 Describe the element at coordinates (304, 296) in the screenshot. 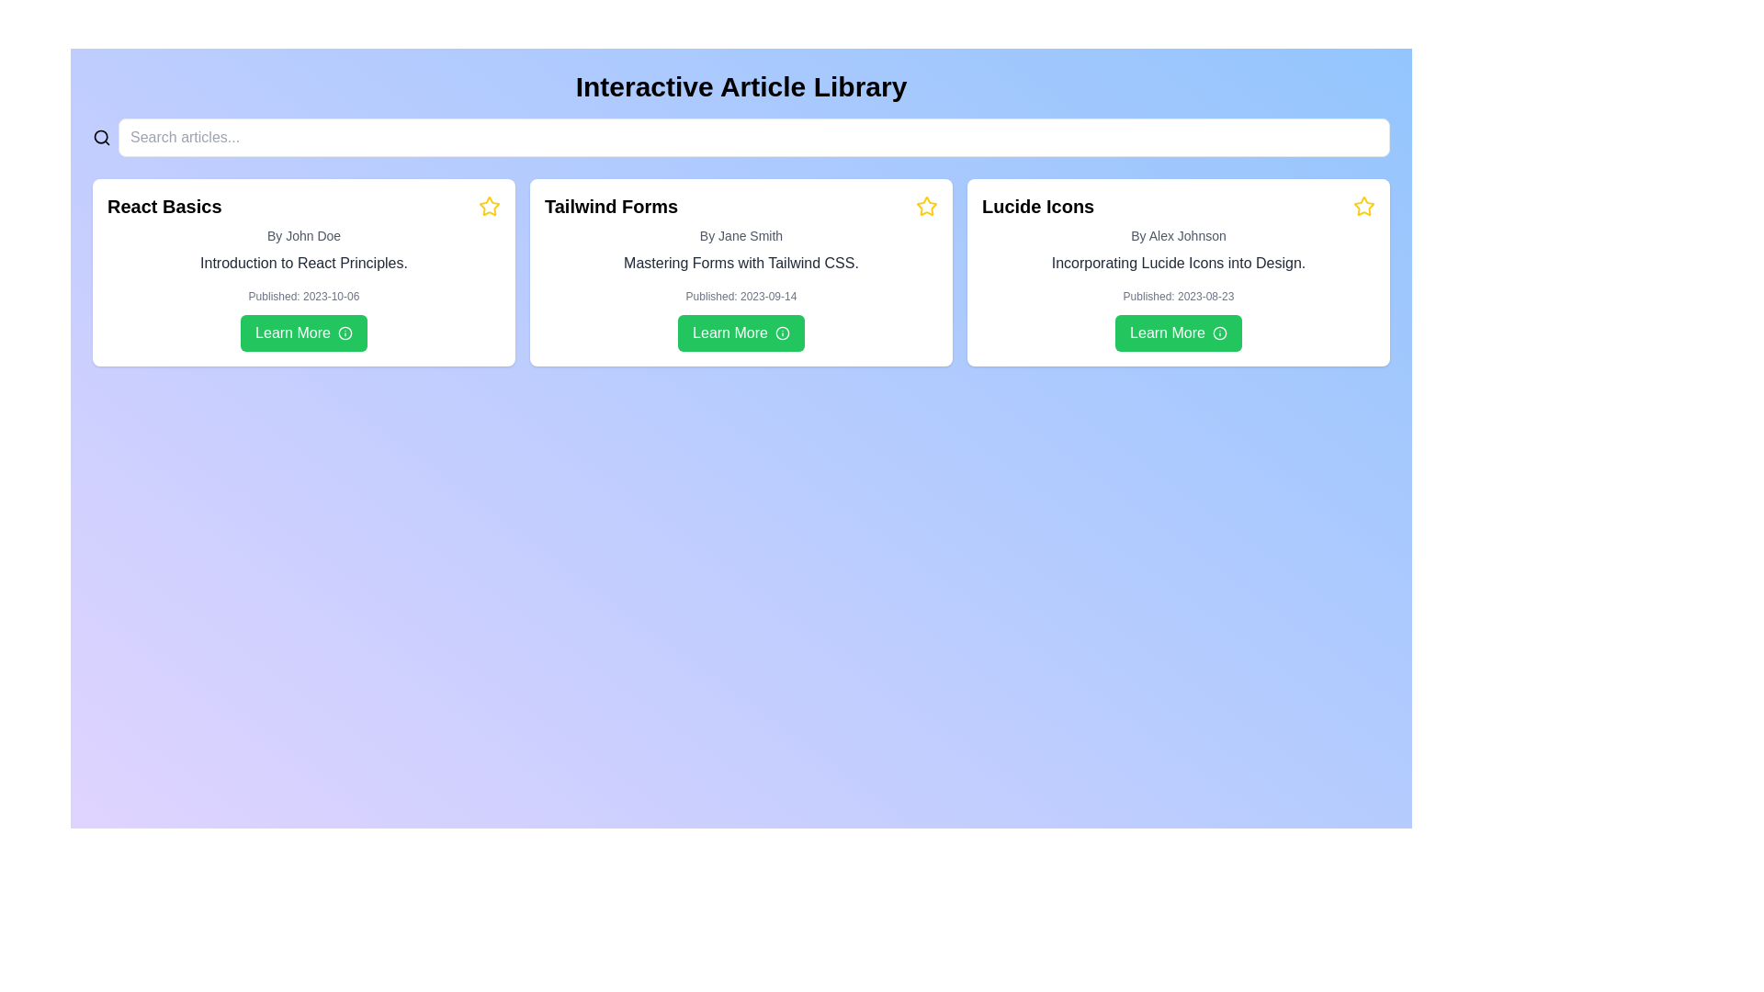

I see `the text label displaying the publication date of the article 'React Basics' located below 'Introduction to React Principles.' and above the 'Learn More' button` at that location.